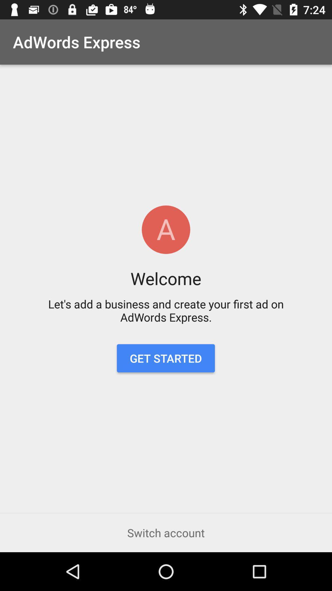 Image resolution: width=332 pixels, height=591 pixels. Describe the element at coordinates (165, 358) in the screenshot. I see `the icon below the let s add` at that location.